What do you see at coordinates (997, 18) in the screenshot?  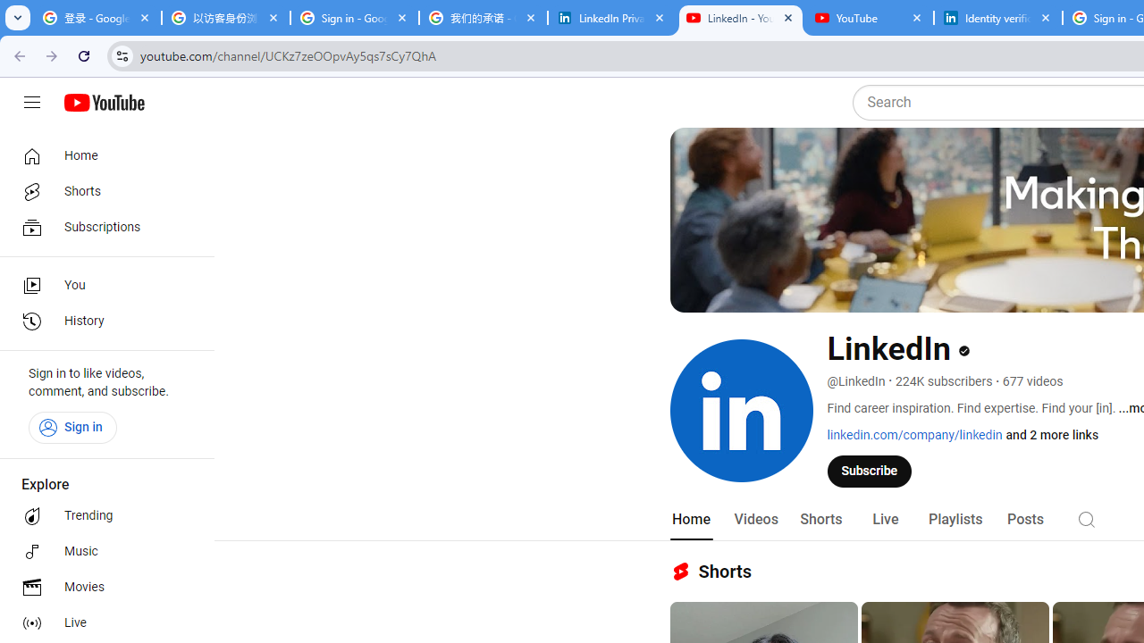 I see `'Identity verification via Persona | LinkedIn Help'` at bounding box center [997, 18].